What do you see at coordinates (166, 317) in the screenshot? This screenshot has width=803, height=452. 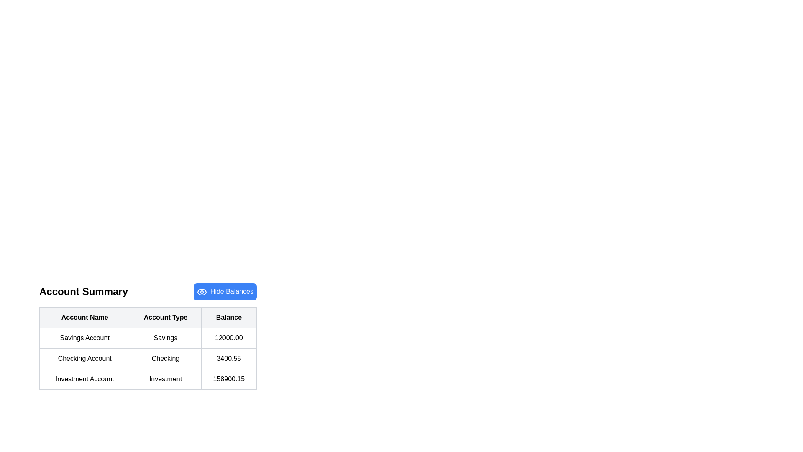 I see `the Table Header Cell for the 'Account Type' column` at bounding box center [166, 317].